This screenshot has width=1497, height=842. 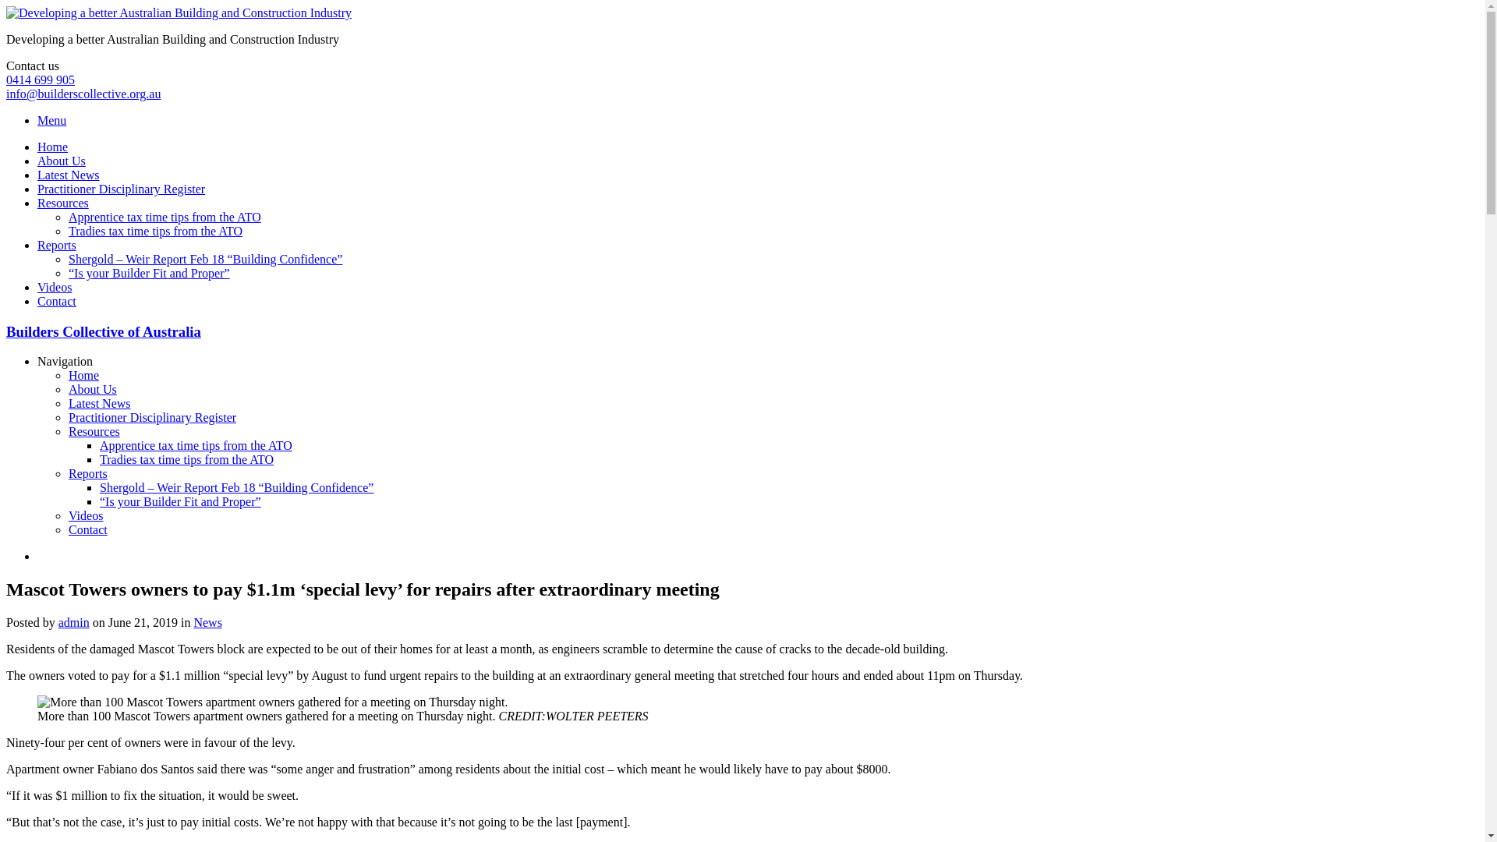 I want to click on '0414 699 905', so click(x=6, y=80).